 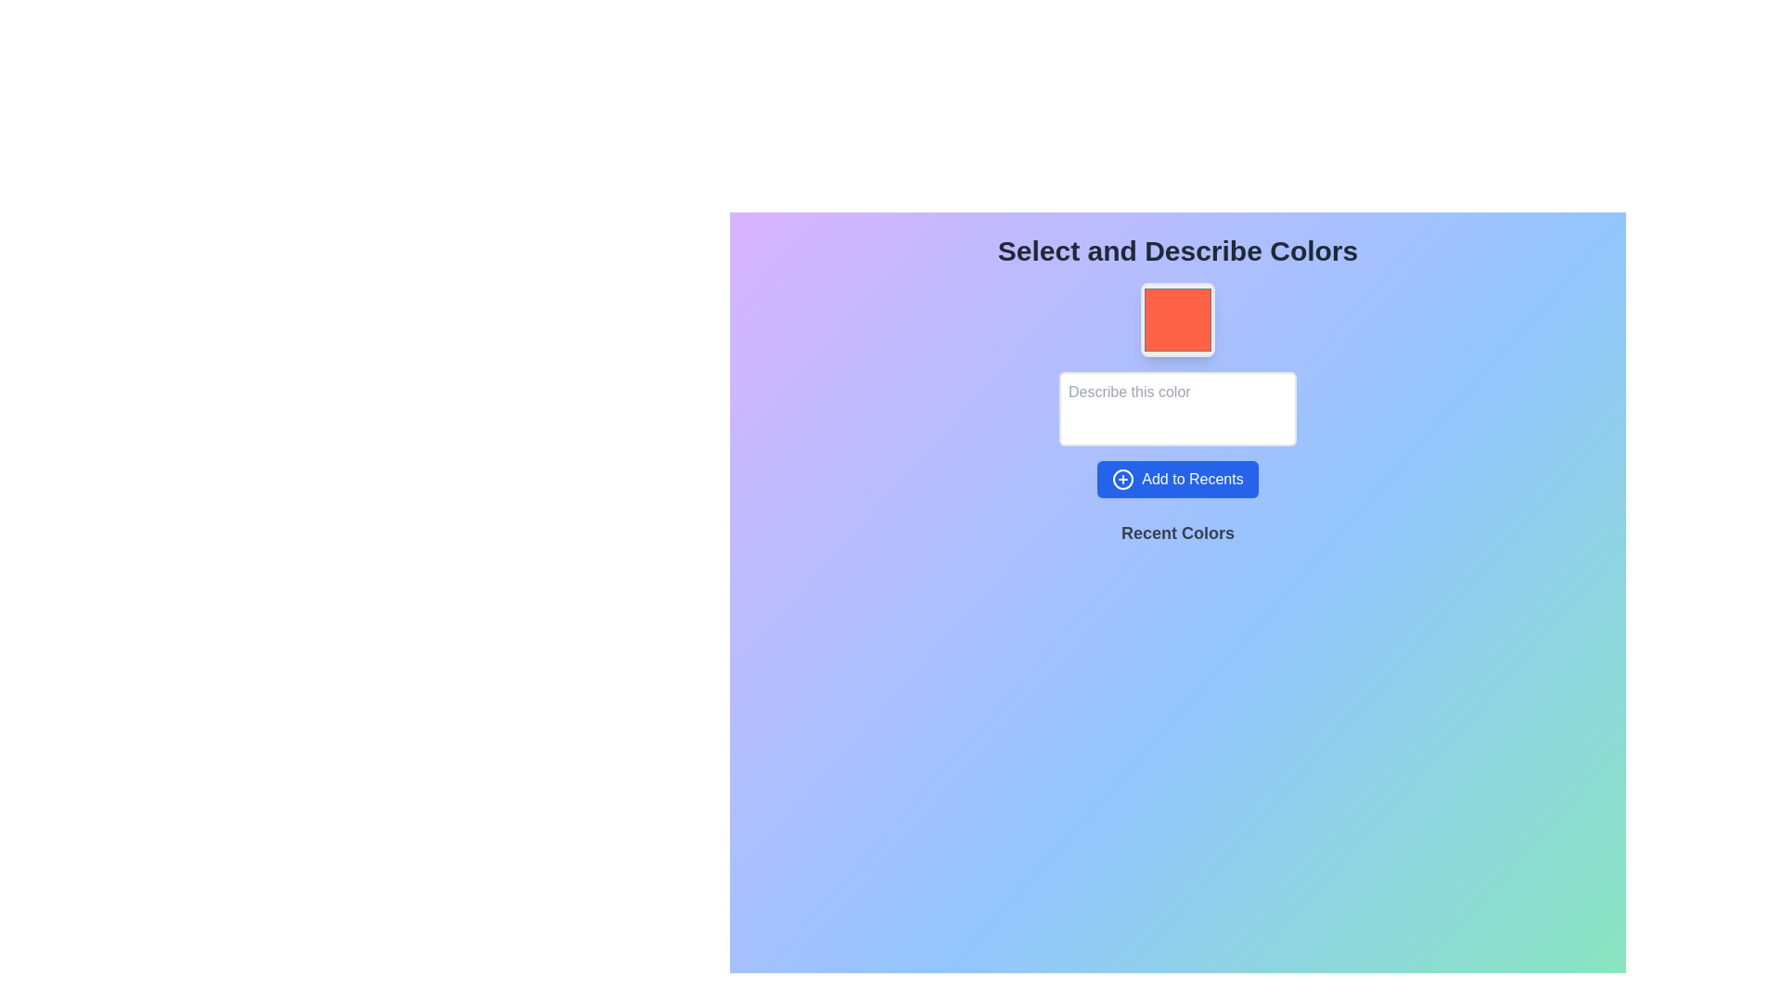 What do you see at coordinates (1122, 478) in the screenshot?
I see `the circular graphical element located at the center of a '+' icon, which is situated beneath the 'Describe this color' text input field and above the 'Add to Recents' button` at bounding box center [1122, 478].